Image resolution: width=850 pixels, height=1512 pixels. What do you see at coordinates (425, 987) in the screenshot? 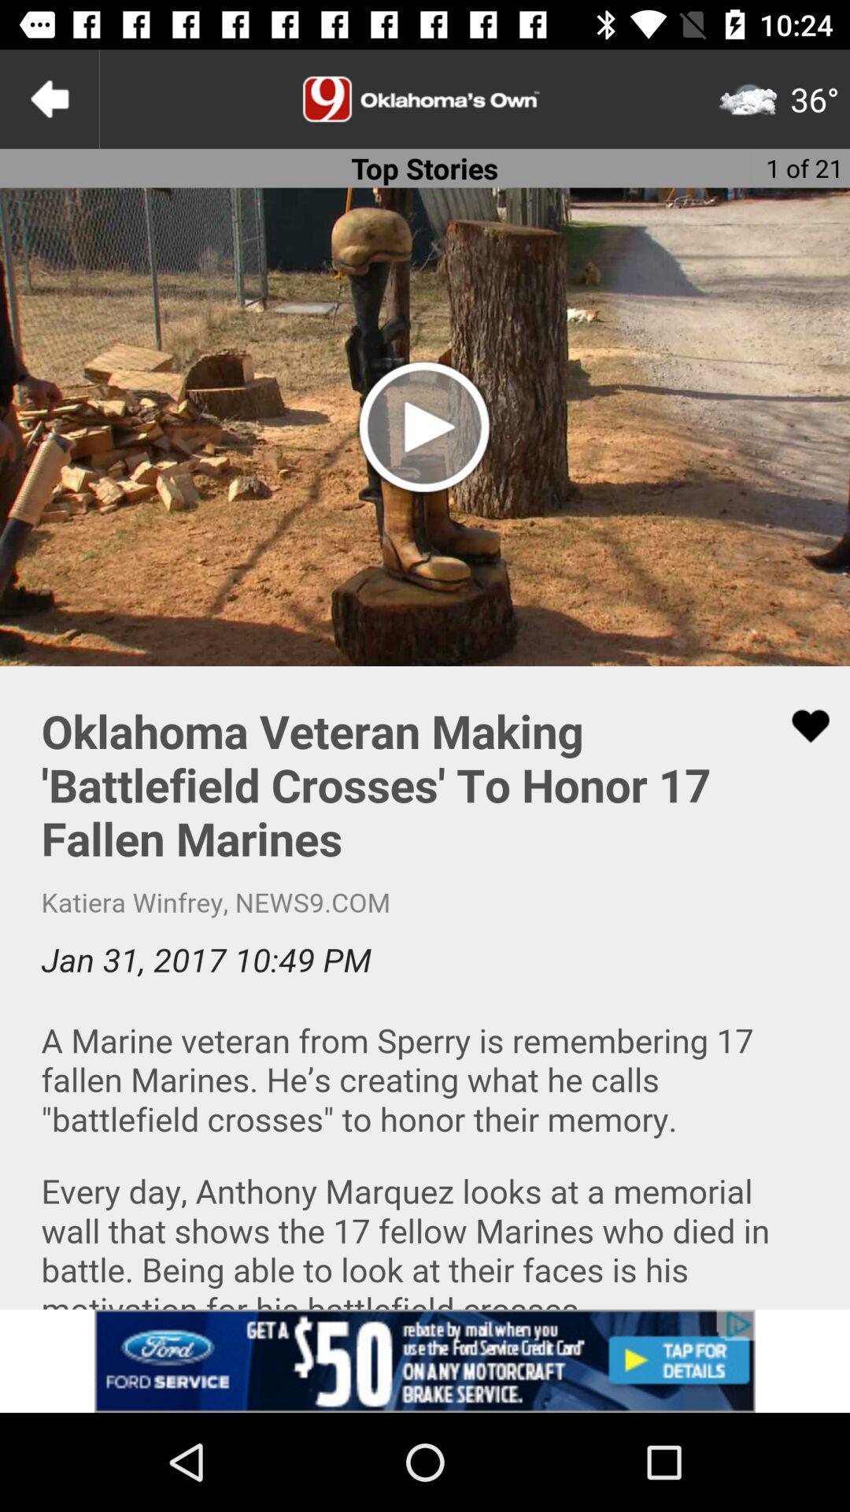
I see `description about the video` at bounding box center [425, 987].